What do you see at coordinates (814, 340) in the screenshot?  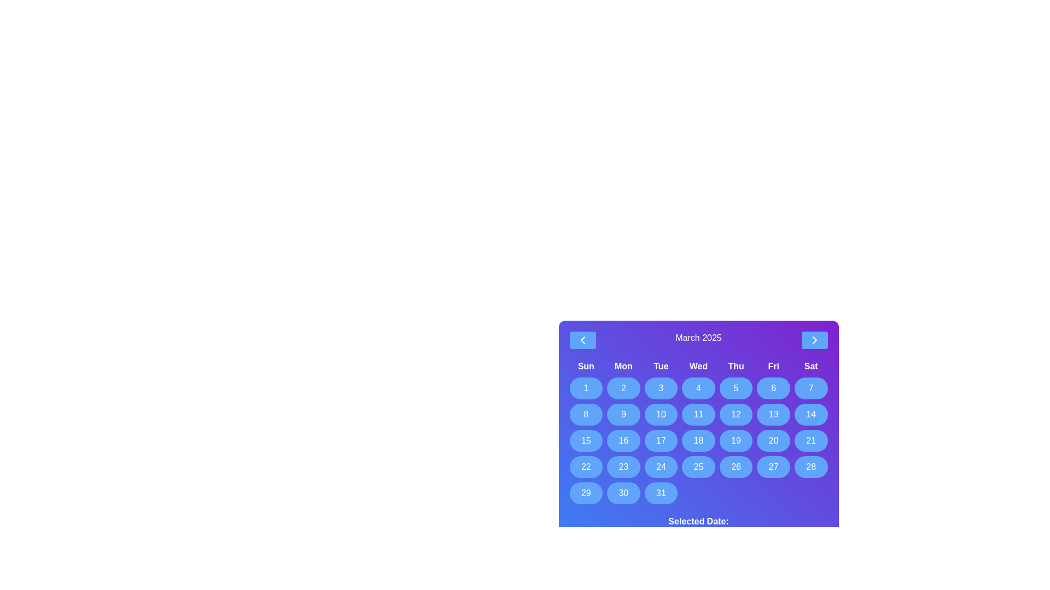 I see `the rounded rectangular blue button with a rightward-pointing arrow icon located at the top-right corner of the calendar interface` at bounding box center [814, 340].